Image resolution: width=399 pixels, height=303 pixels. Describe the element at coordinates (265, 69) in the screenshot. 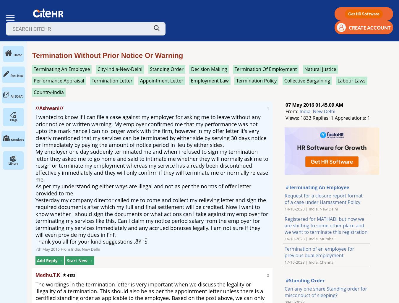

I see `'termination of employment'` at that location.